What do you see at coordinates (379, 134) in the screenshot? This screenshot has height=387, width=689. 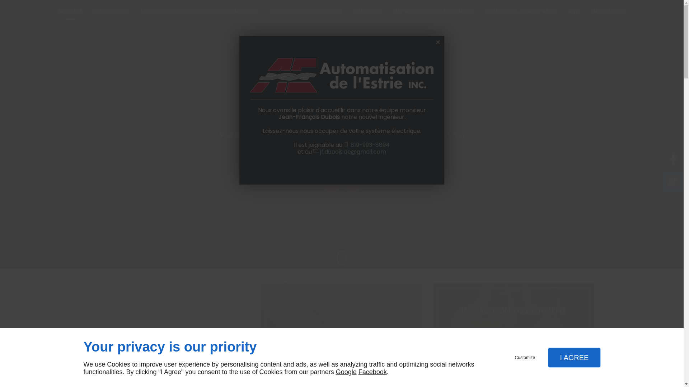 I see `'819-573-0500'` at bounding box center [379, 134].